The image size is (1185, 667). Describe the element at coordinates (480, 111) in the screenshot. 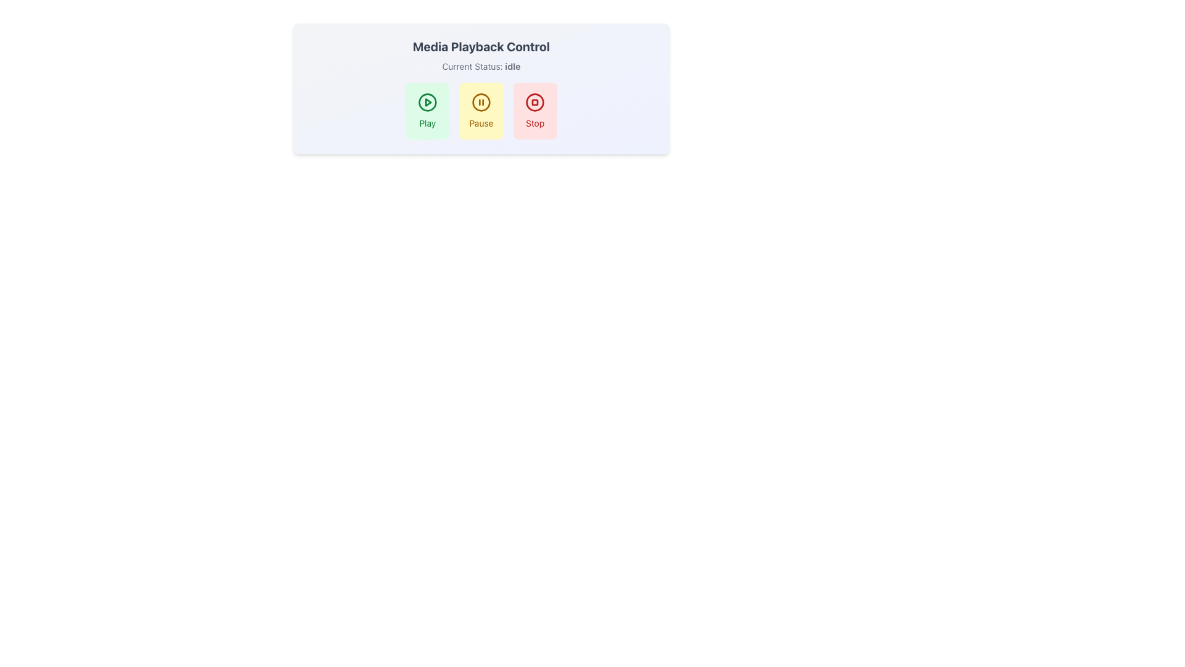

I see `the pause button located in the middle column of the three-column grid layout` at that location.